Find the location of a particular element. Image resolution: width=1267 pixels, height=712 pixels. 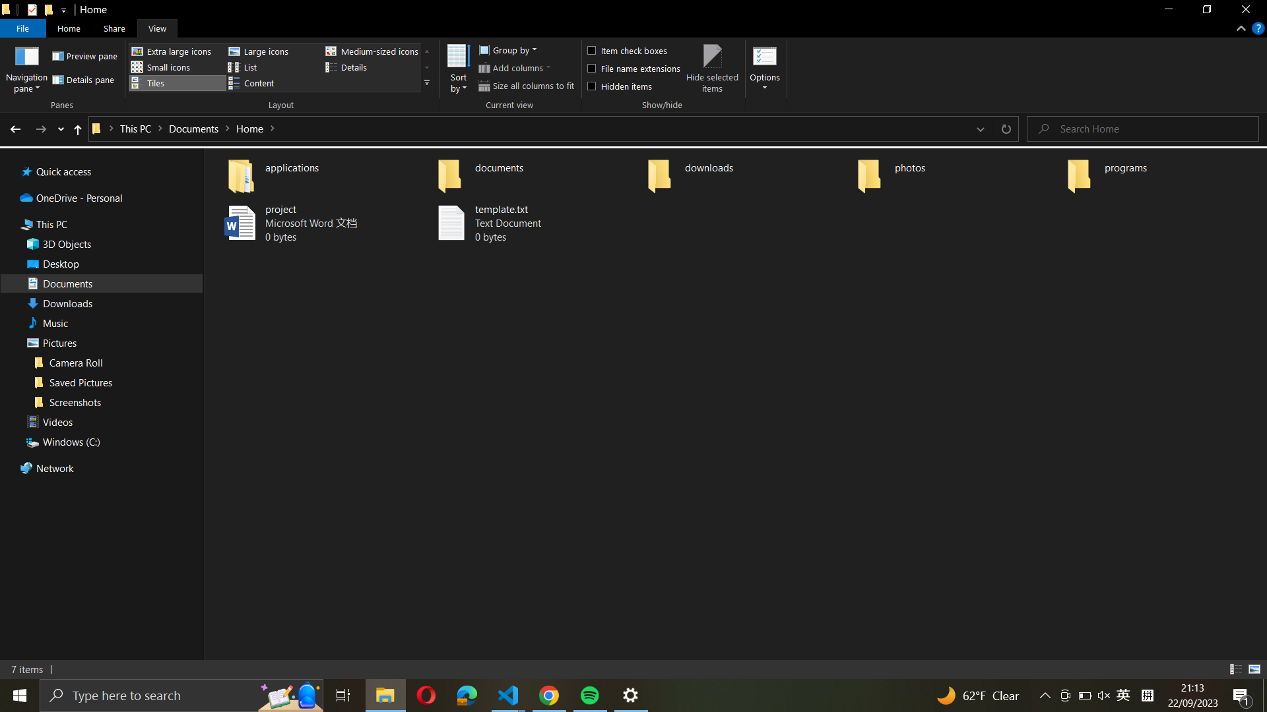

Locate the "photos" folder and mark the first five images is located at coordinates (956, 172).